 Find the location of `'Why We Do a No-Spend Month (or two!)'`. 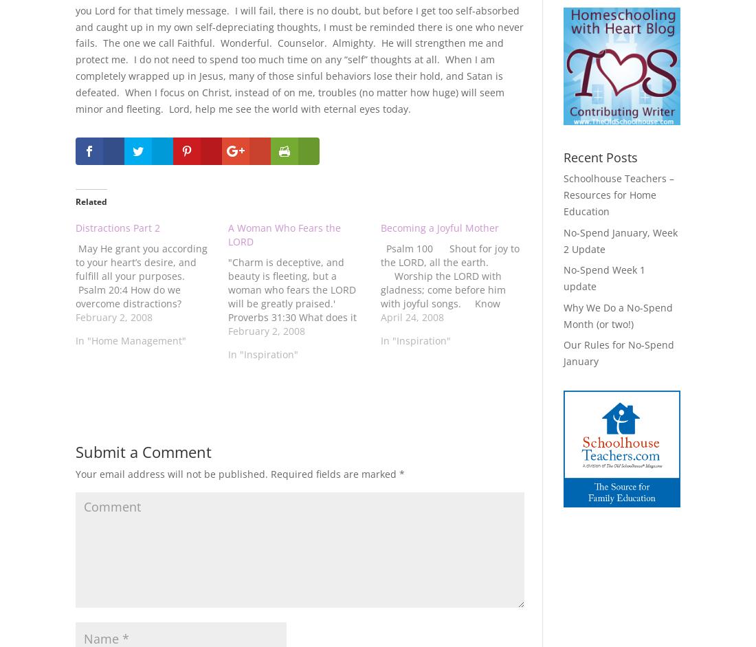

'Why We Do a No-Spend Month (or two!)' is located at coordinates (617, 315).